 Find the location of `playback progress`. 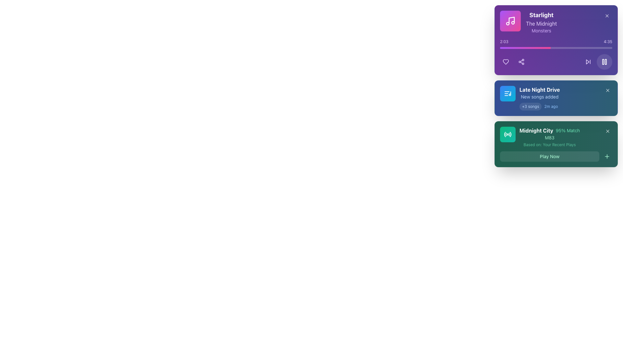

playback progress is located at coordinates (531, 47).